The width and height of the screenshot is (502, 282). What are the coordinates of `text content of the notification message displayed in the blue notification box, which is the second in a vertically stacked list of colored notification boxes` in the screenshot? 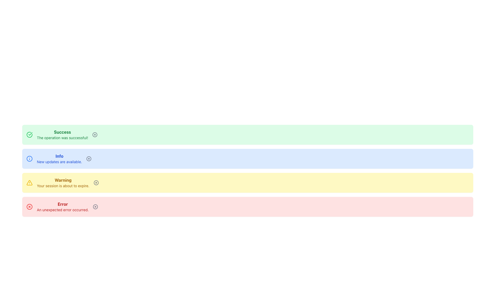 It's located at (59, 158).